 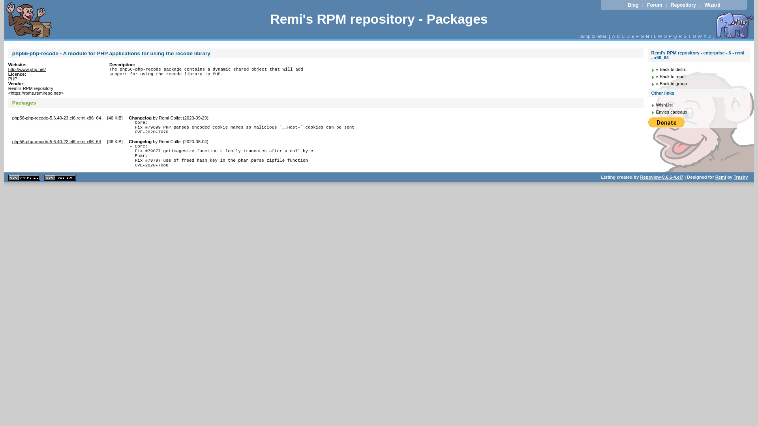 I want to click on 'B', so click(x=617, y=36).